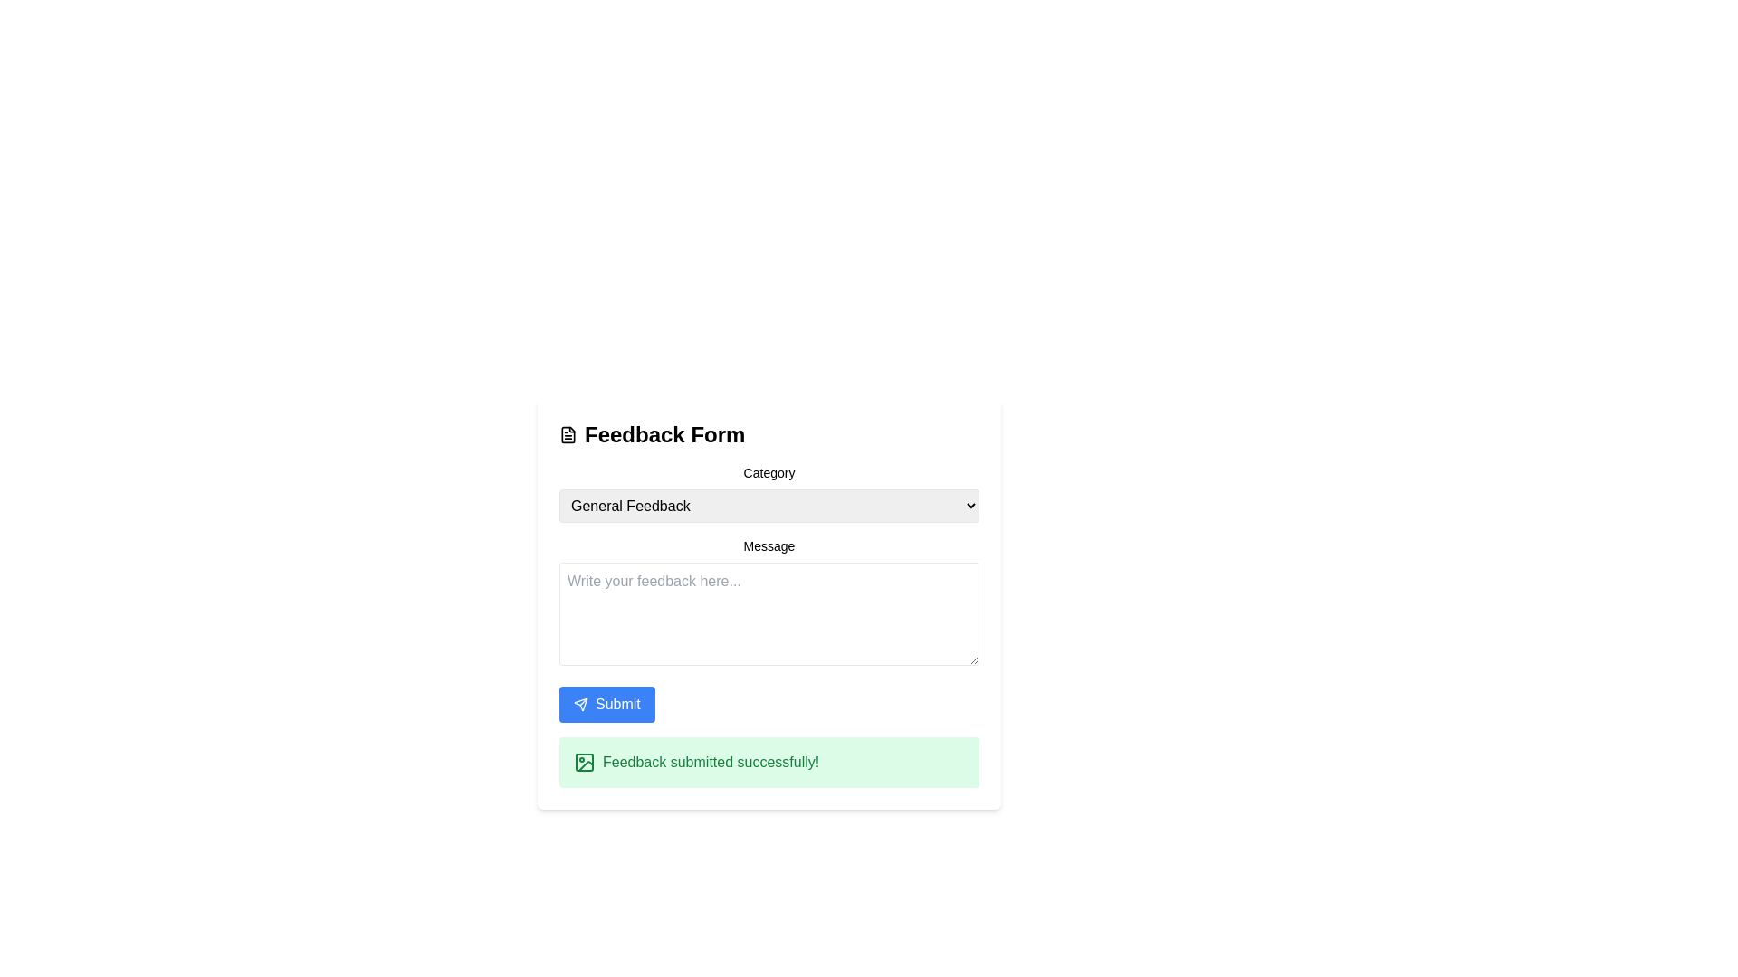 The image size is (1738, 977). What do you see at coordinates (617, 704) in the screenshot?
I see `the 'Submit' button, which has a white font color on a blue rectangular background, located near the bottom of the feedback form` at bounding box center [617, 704].